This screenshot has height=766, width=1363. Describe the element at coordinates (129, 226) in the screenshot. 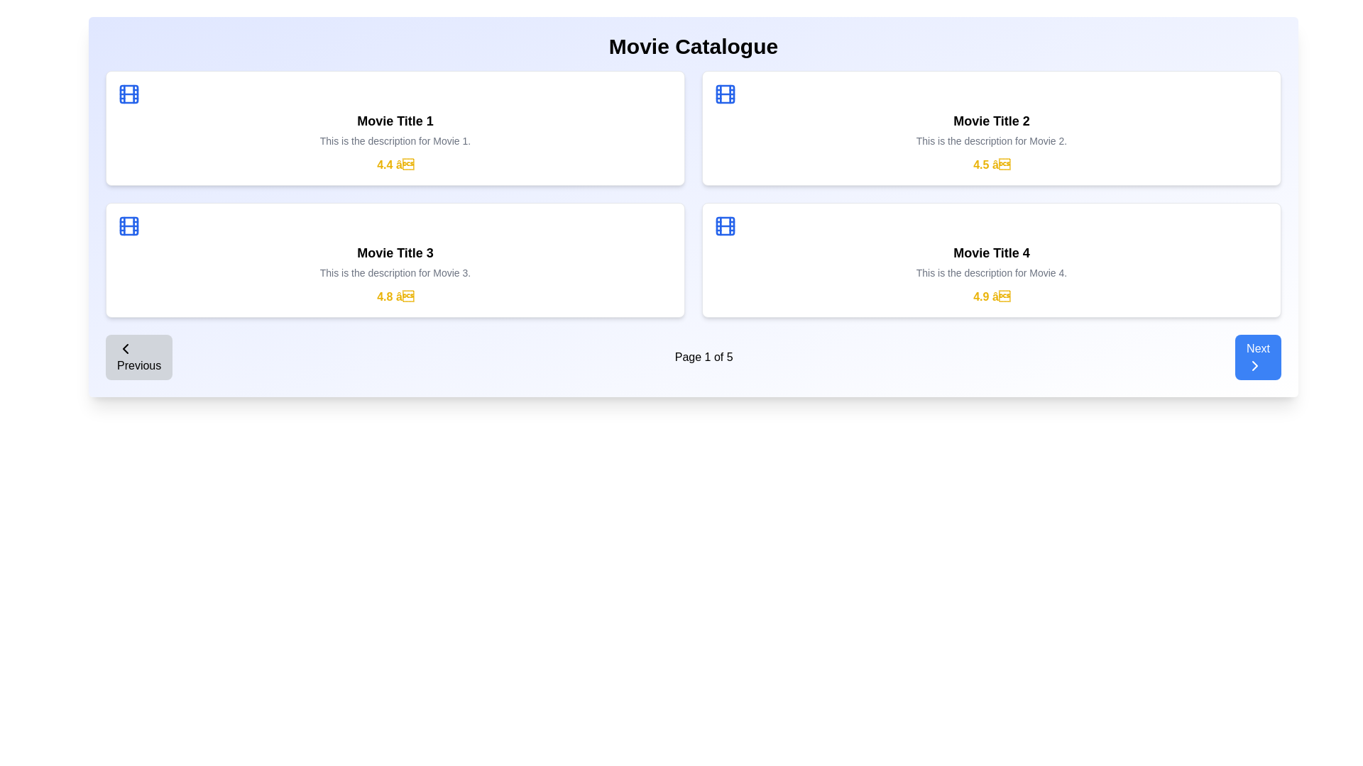

I see `the blue film roll icon located in the top-left corner of the third block titled 'Movie Title 3' in the movie catalogue view` at that location.